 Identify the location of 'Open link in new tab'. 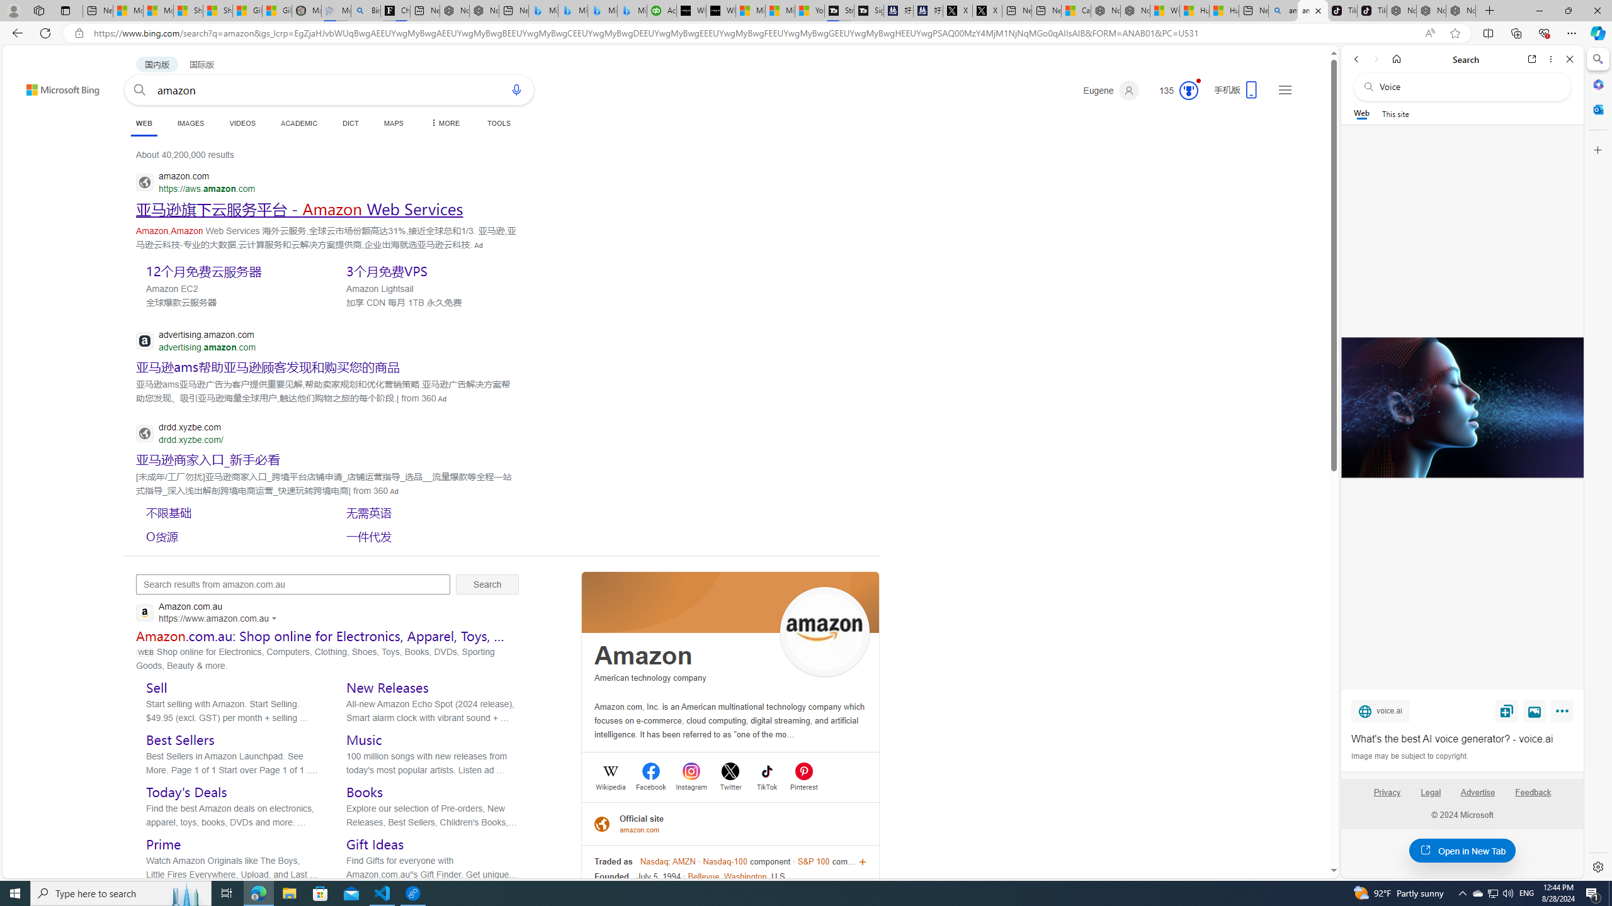
(1532, 59).